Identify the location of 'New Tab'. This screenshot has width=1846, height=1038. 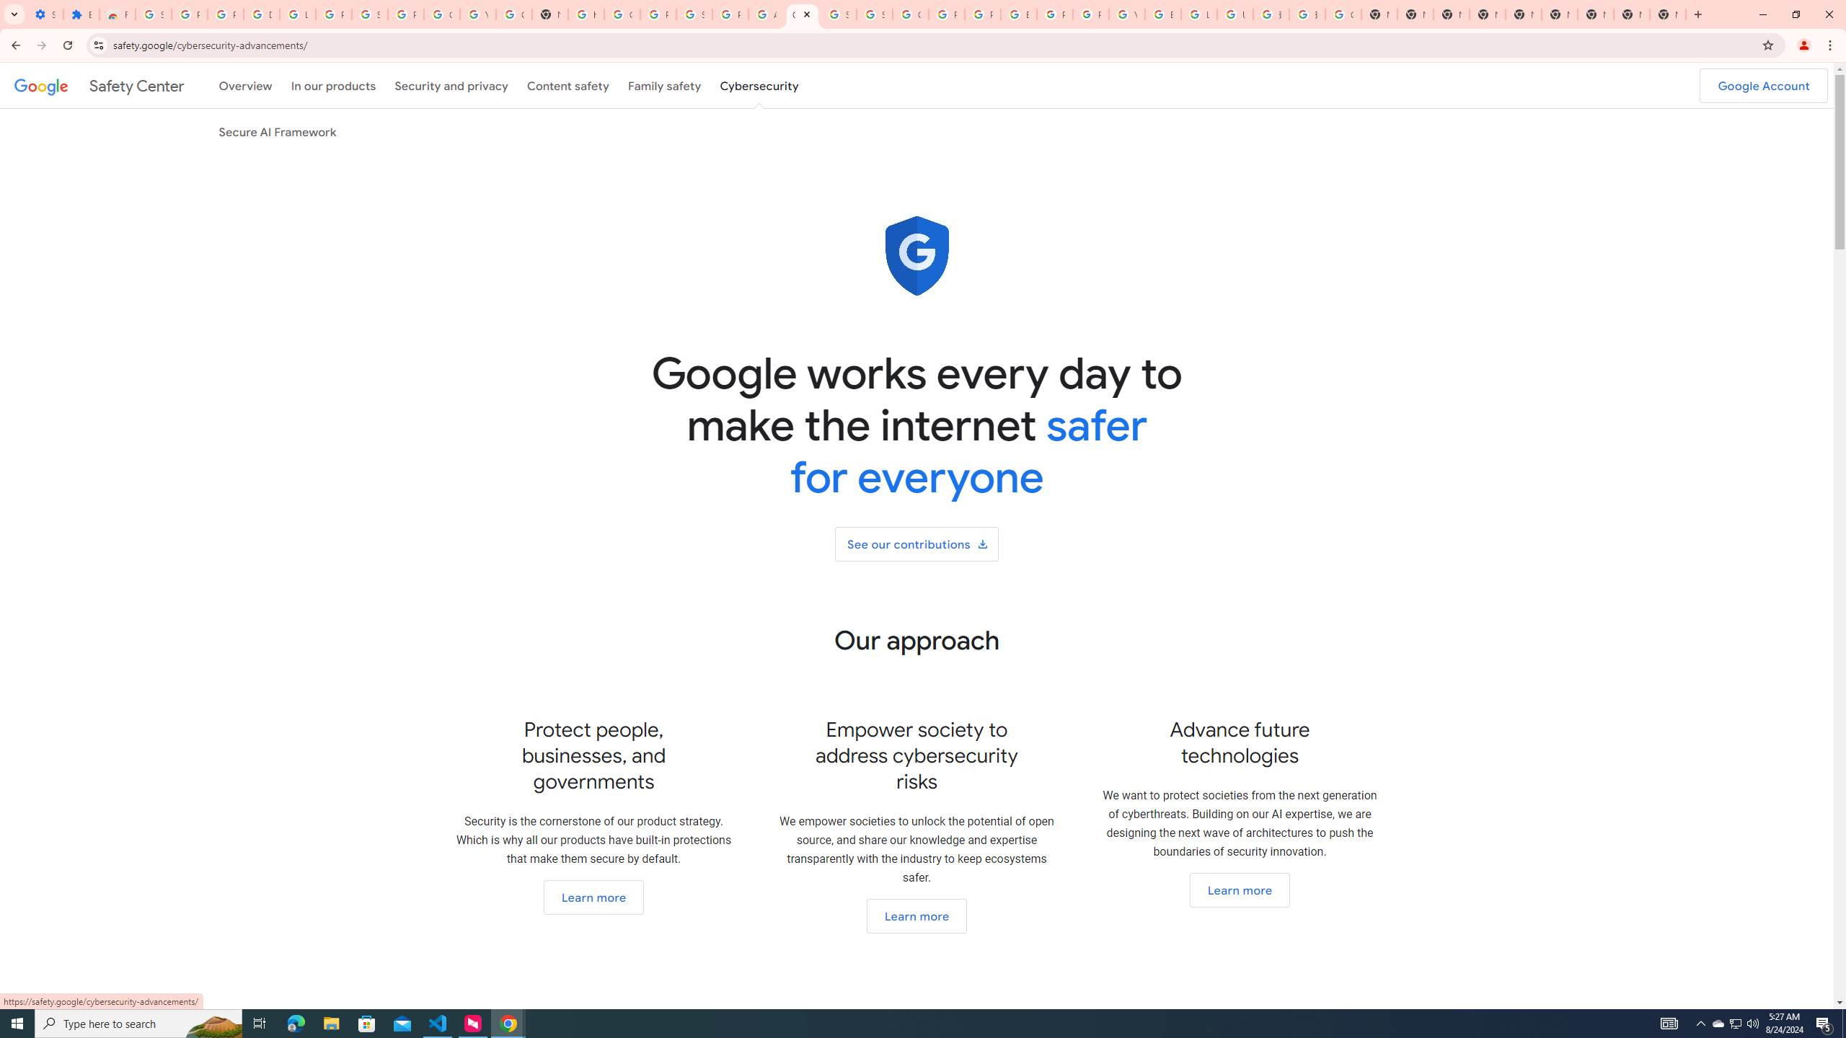
(1666, 14).